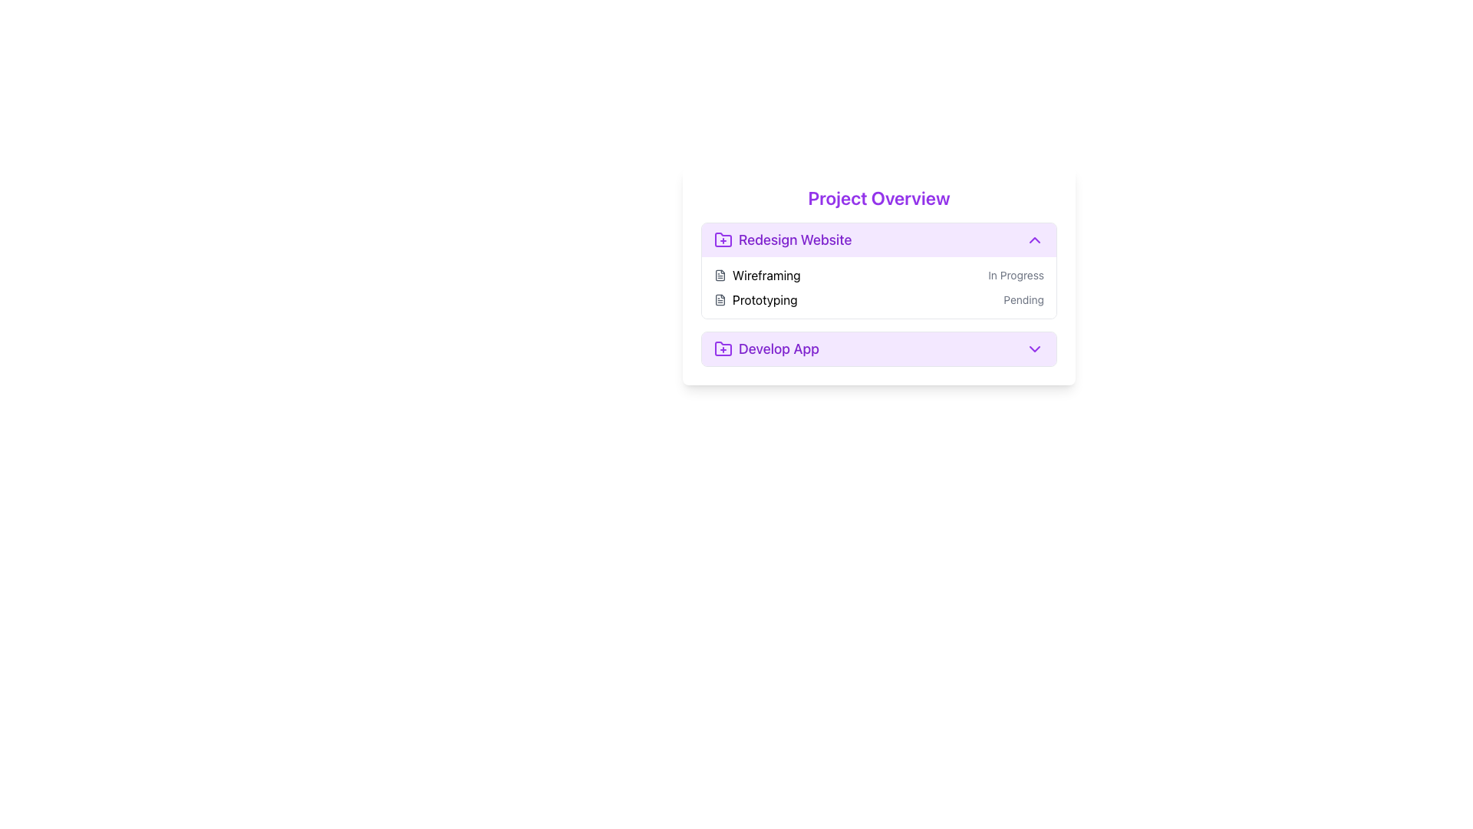 The image size is (1473, 829). Describe the element at coordinates (1034, 239) in the screenshot. I see `the toggle icon located at the top-right corner of the 'Redesign Website' section` at that location.